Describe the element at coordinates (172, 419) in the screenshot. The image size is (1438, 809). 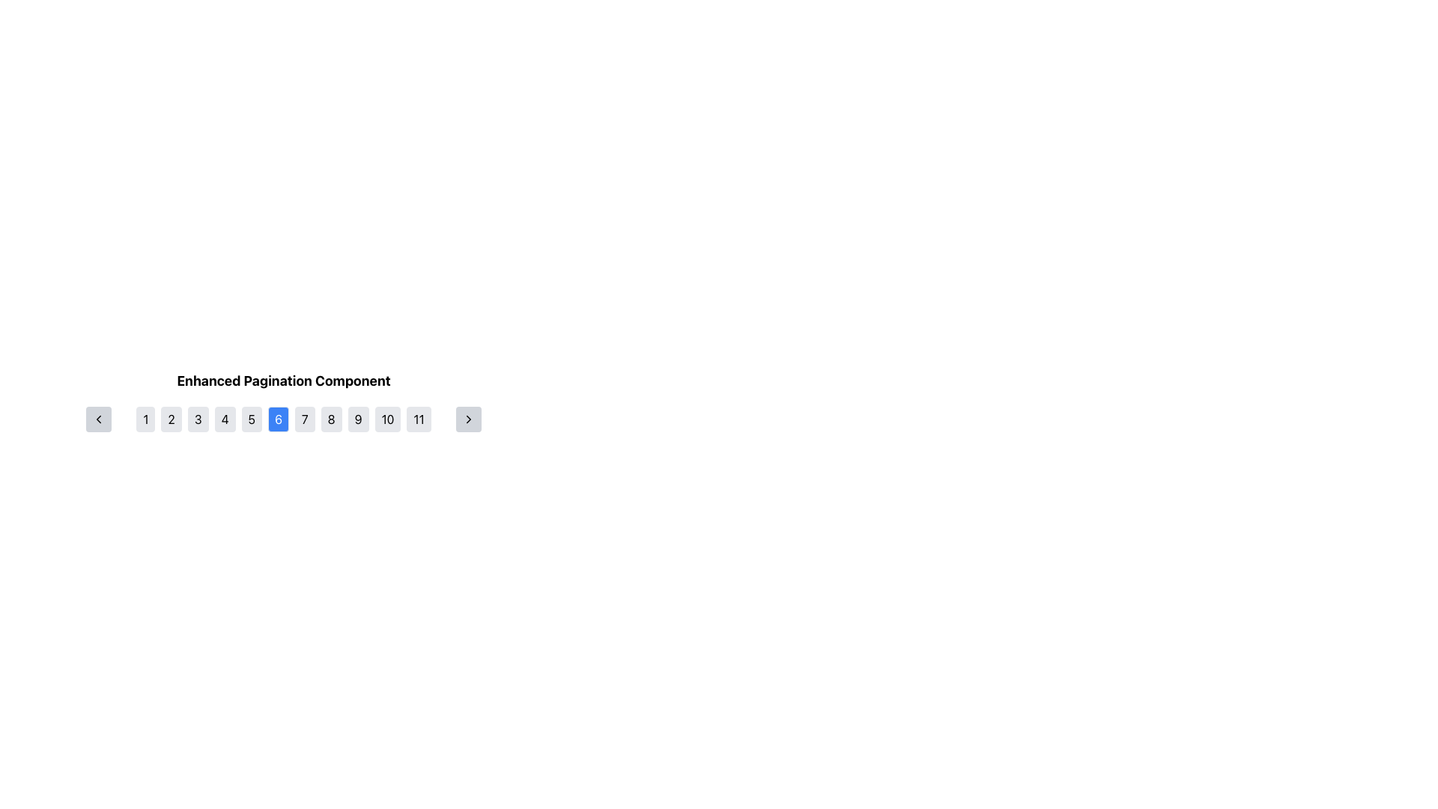
I see `the pagination button labeled '2', which is the second button in a row of buttons` at that location.